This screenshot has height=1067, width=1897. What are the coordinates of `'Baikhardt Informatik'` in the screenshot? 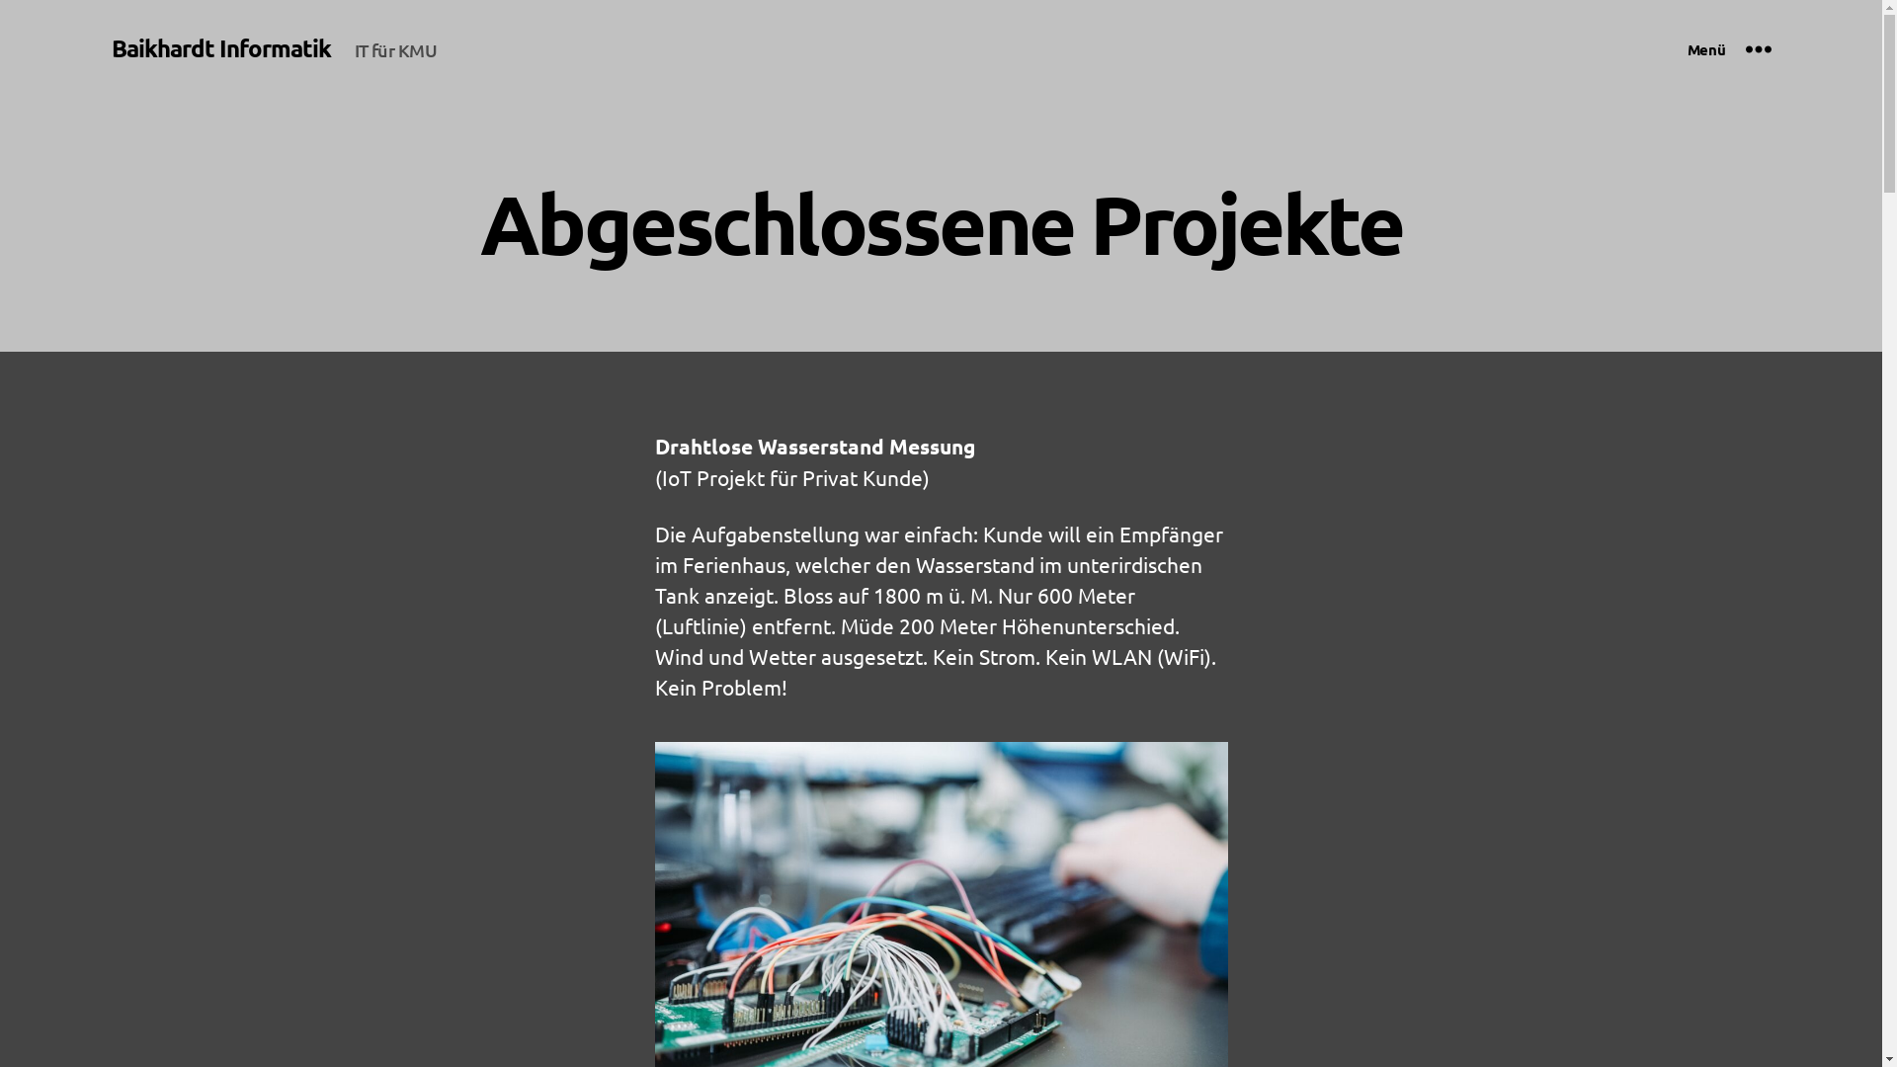 It's located at (219, 47).